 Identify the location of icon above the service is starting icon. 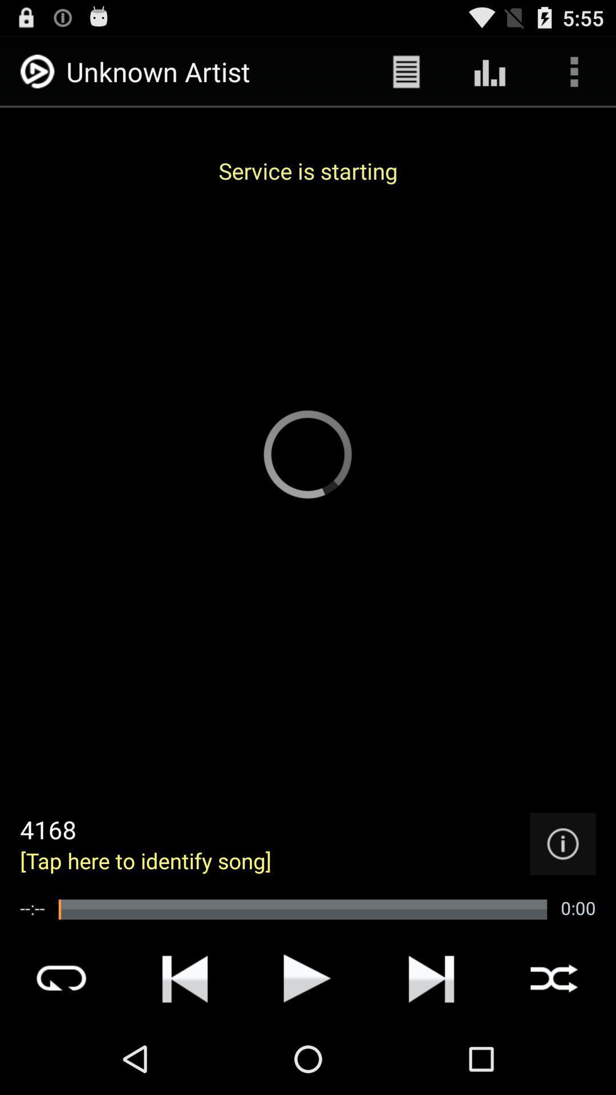
(406, 71).